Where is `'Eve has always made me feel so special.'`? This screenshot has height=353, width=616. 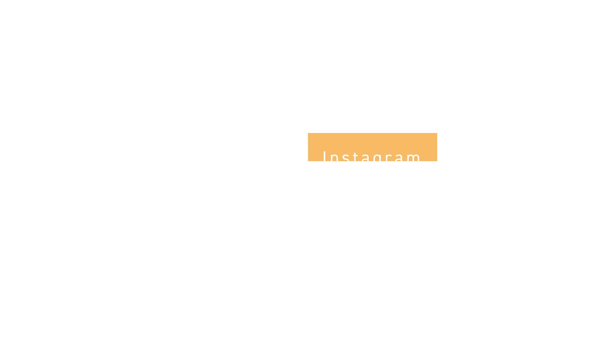 'Eve has always made me feel so special.' is located at coordinates (248, 18).